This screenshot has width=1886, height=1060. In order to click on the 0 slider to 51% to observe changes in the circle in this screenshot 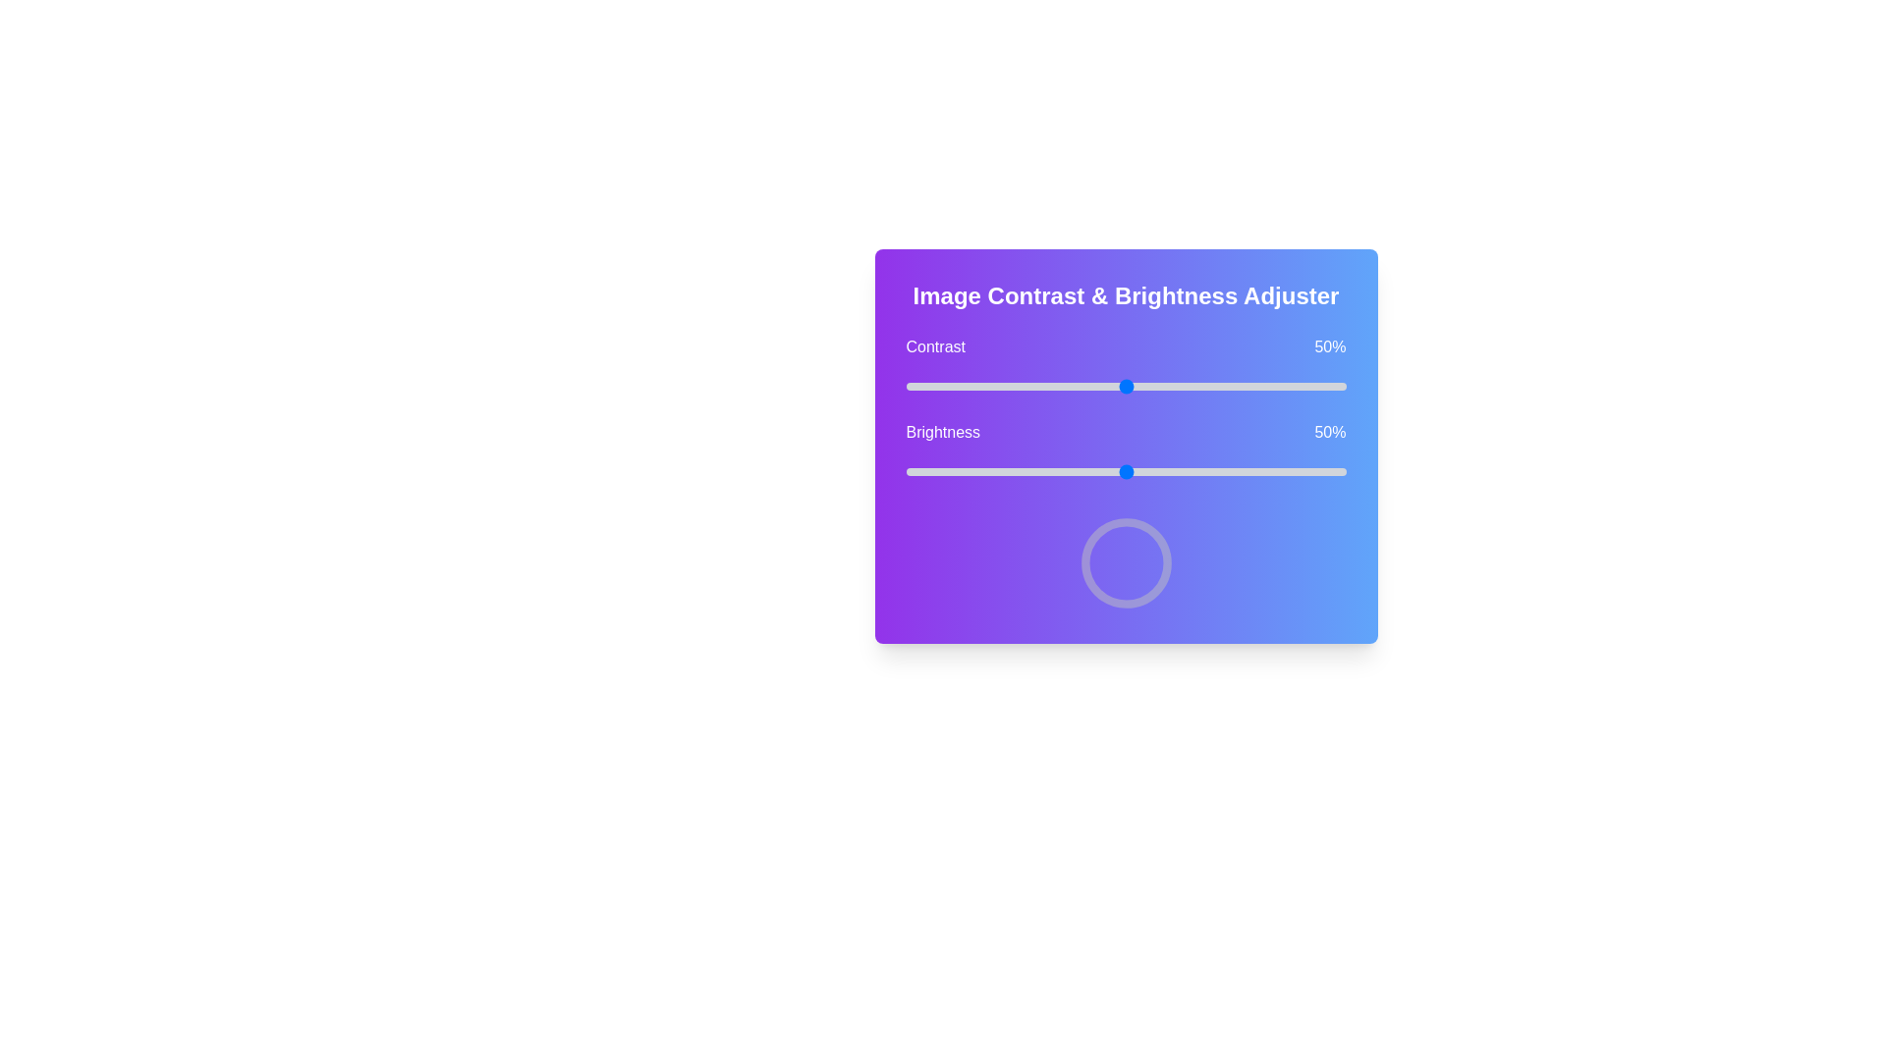, I will do `click(1131, 386)`.